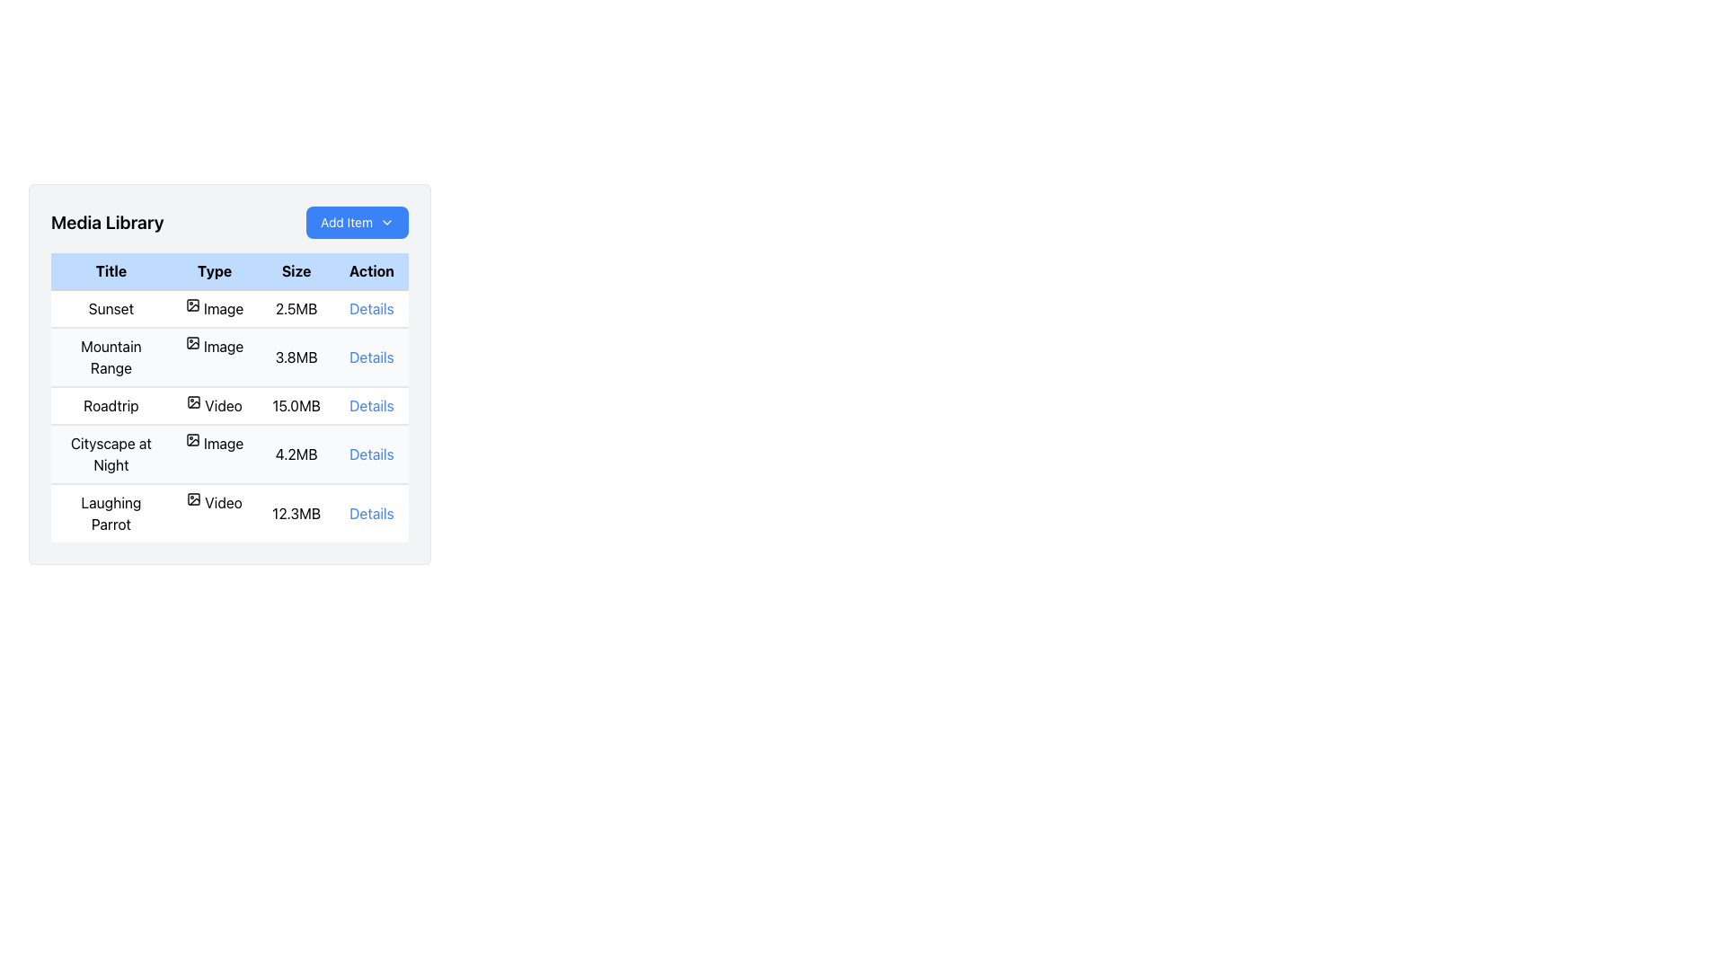 This screenshot has height=970, width=1725. What do you see at coordinates (296, 513) in the screenshot?
I see `the text '12.3MB' in the 'Size' column of the 'Media Library' table, located in the fifth row, adjacent to 'Laughing Parrot'` at bounding box center [296, 513].